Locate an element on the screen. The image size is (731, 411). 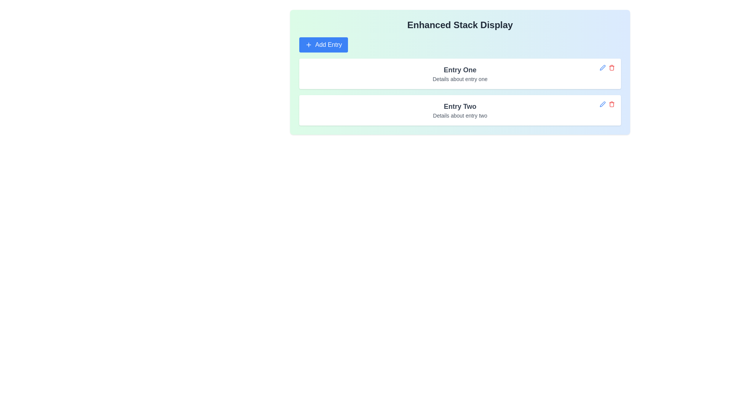
the red trash bin icon, which is the second button in a horizontal group of action buttons located at the top-right corner of the list, to trigger any hover effects is located at coordinates (612, 67).